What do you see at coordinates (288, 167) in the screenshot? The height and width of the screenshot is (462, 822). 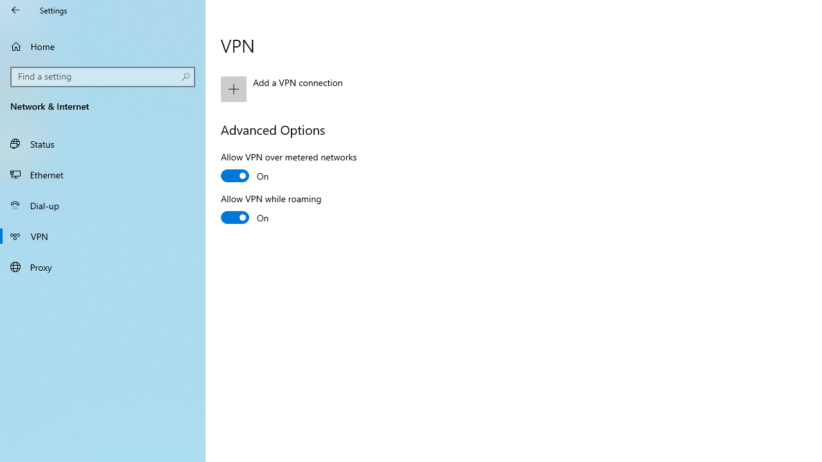 I see `'Allow VPN over metered networks'` at bounding box center [288, 167].